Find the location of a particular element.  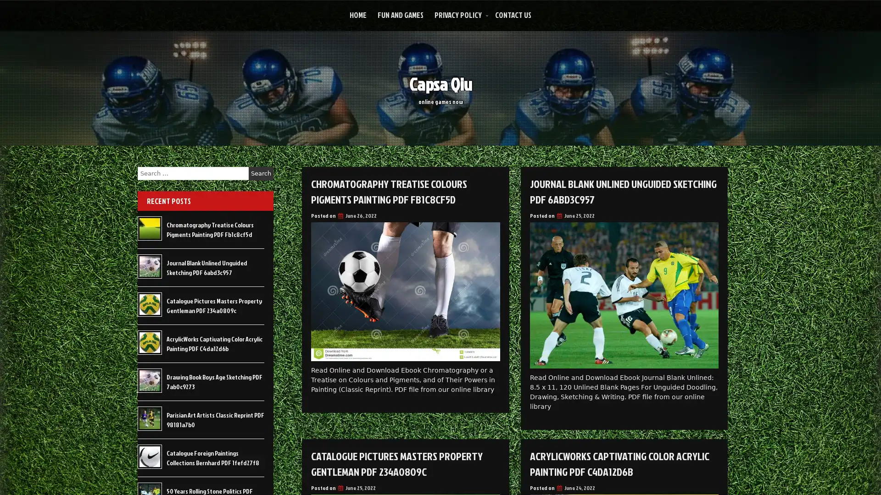

Search is located at coordinates (261, 173).